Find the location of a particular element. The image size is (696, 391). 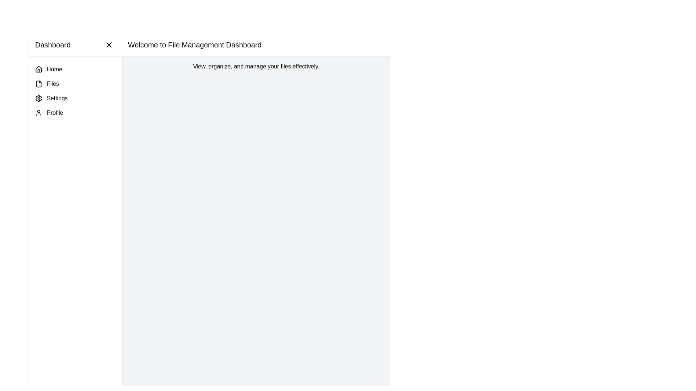

the 'Settings' icon located in the vertical navigation menu, which serves as a visual representation for accessing configuration options is located at coordinates (38, 98).